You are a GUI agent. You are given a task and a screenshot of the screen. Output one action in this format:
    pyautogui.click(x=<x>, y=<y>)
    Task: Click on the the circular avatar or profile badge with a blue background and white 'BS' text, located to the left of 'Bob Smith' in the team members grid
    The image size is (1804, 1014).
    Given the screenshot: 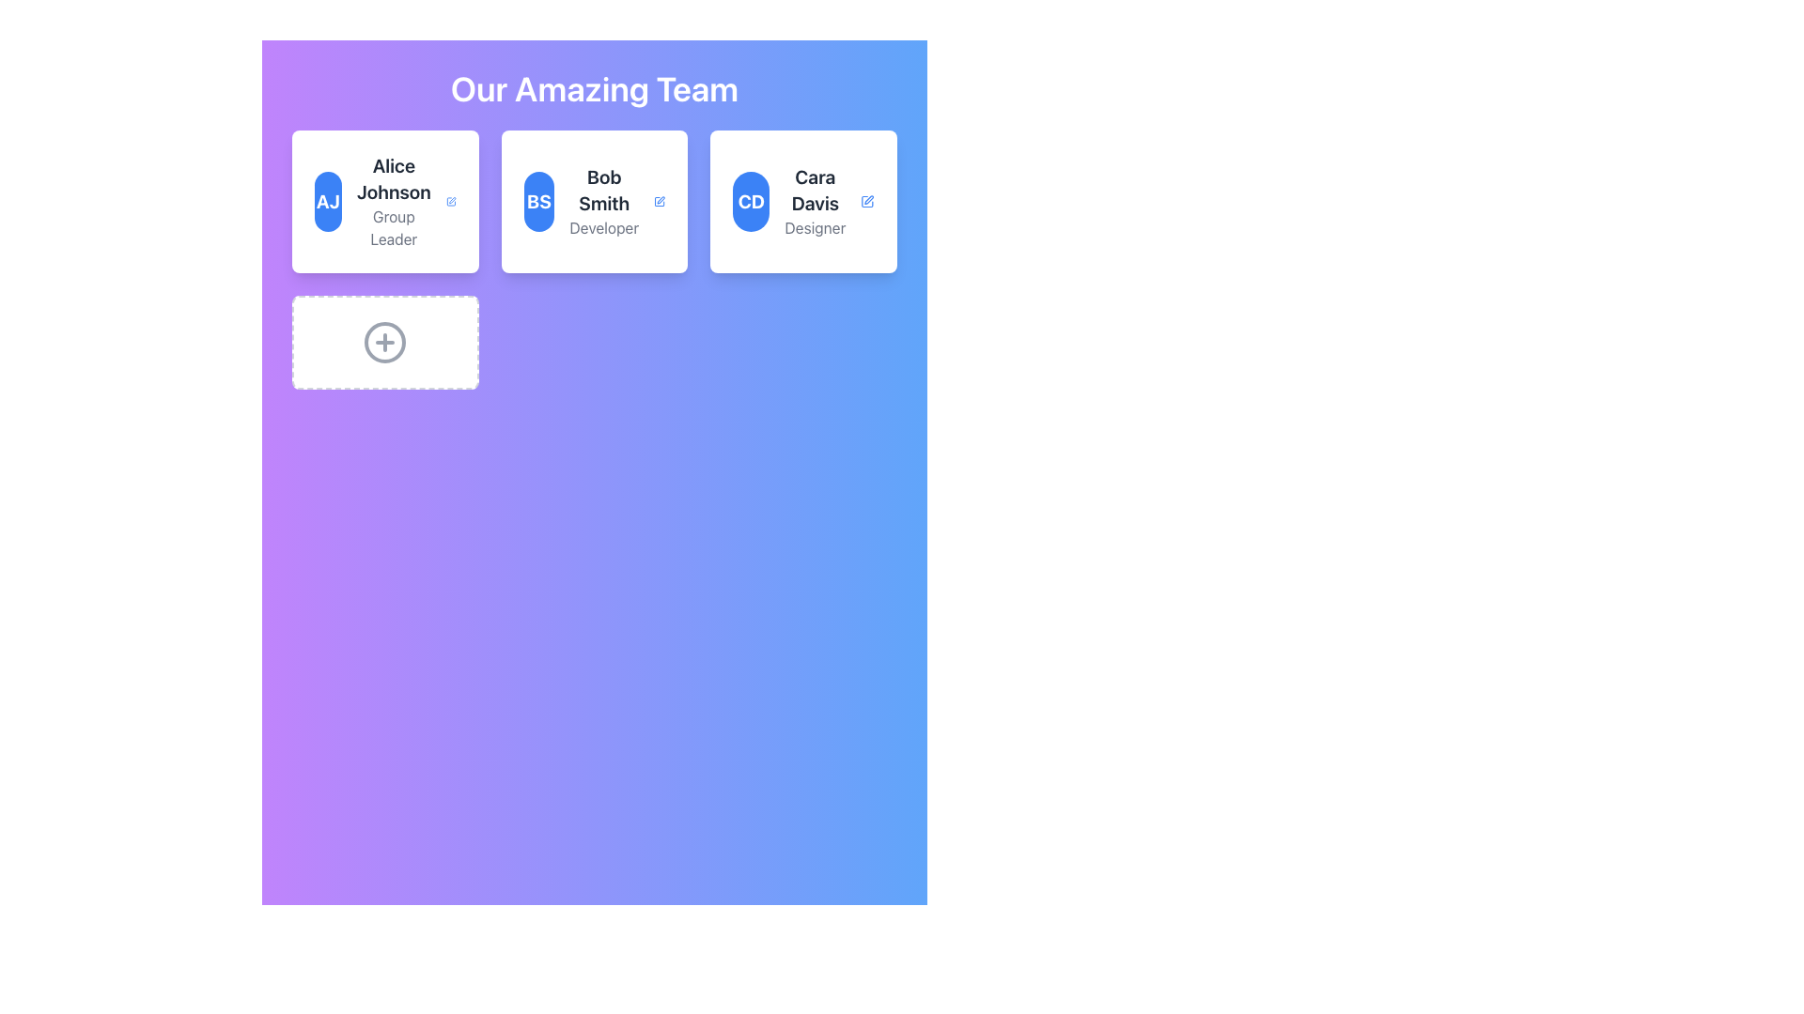 What is the action you would take?
    pyautogui.click(x=537, y=202)
    